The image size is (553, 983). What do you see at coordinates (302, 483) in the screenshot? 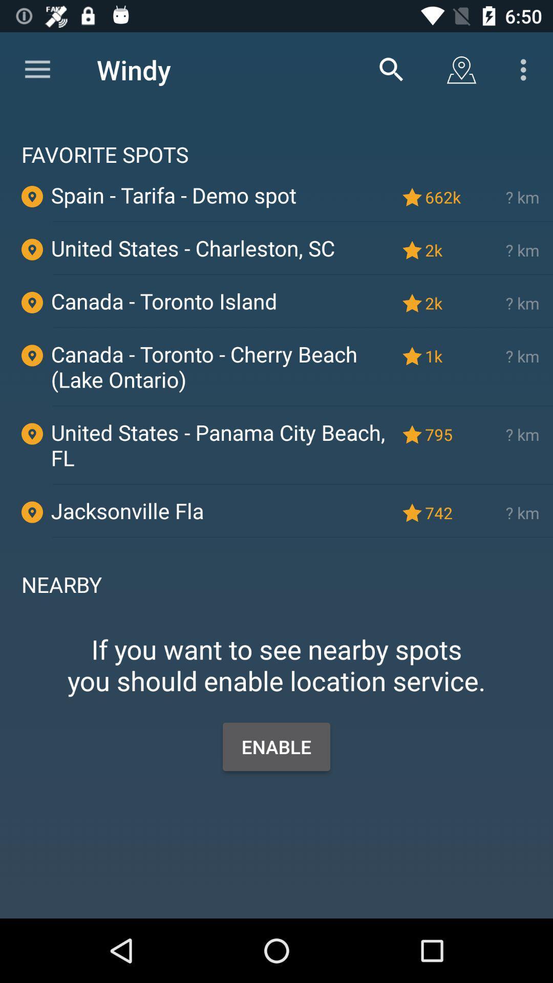
I see `icon above the jacksonville fla icon` at bounding box center [302, 483].